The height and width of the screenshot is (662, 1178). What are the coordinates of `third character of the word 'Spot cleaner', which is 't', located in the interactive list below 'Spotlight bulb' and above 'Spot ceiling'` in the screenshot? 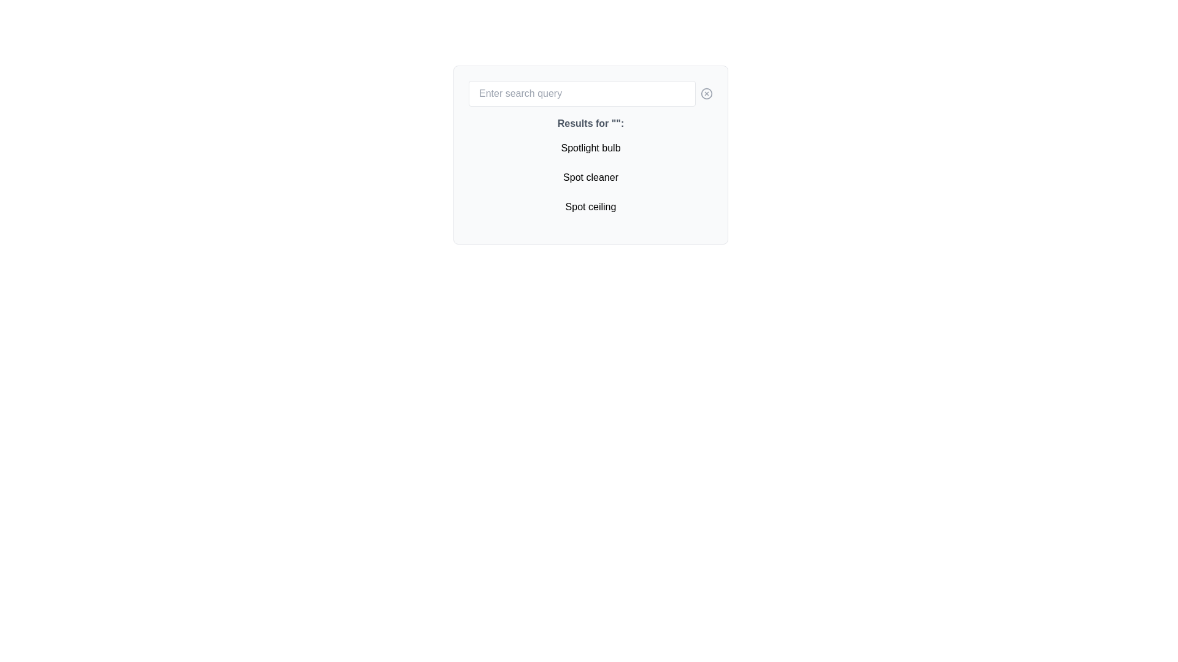 It's located at (572, 177).